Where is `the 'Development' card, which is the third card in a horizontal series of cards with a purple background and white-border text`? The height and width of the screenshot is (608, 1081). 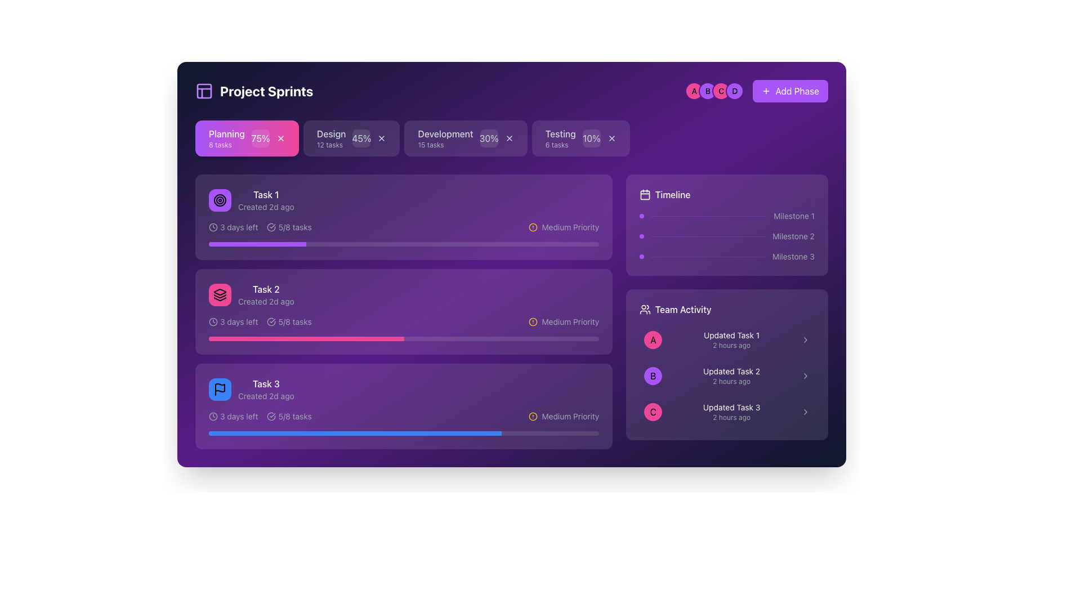 the 'Development' card, which is the third card in a horizontal series of cards with a purple background and white-border text is located at coordinates (466, 138).